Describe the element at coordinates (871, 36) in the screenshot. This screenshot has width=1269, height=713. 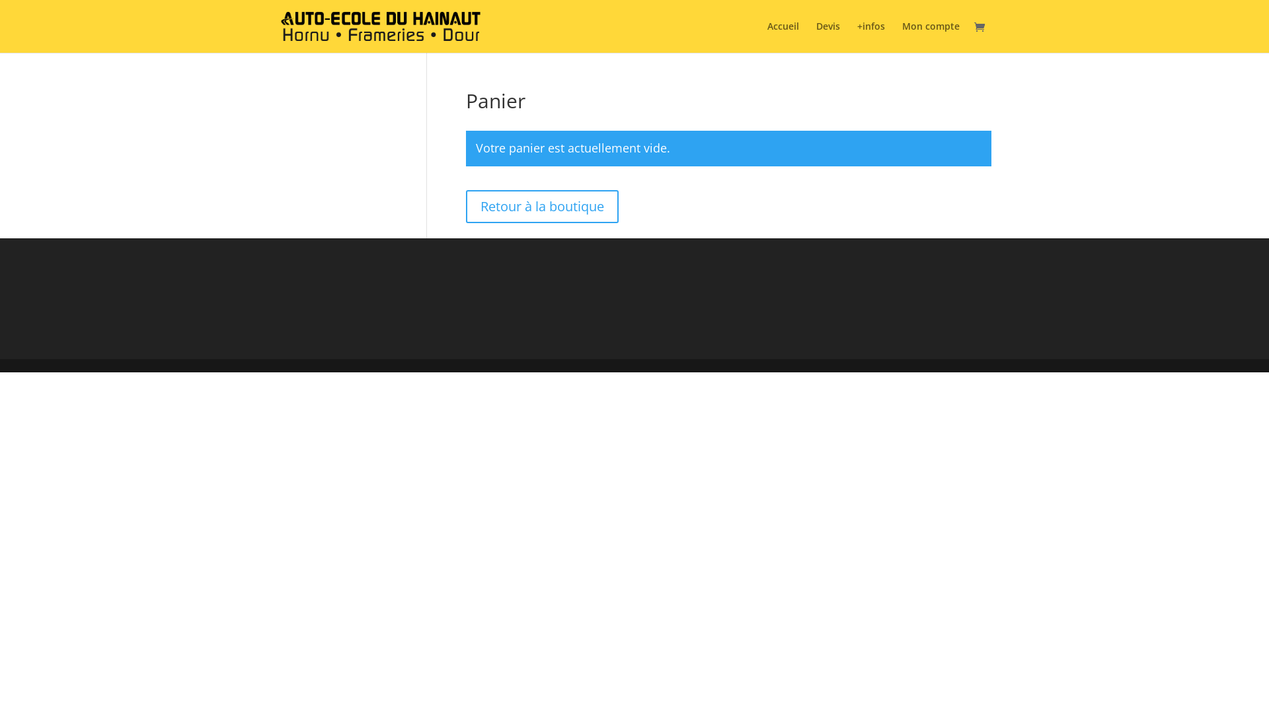
I see `'+infos'` at that location.